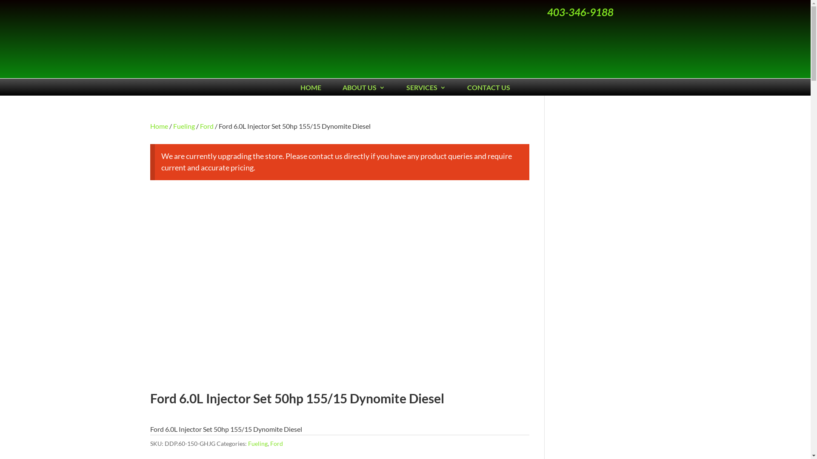 Image resolution: width=817 pixels, height=459 pixels. Describe the element at coordinates (269, 443) in the screenshot. I see `'Ford'` at that location.